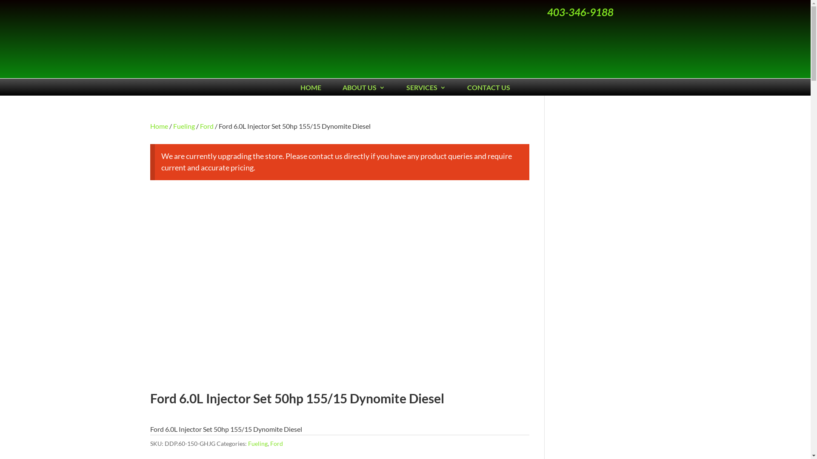 Image resolution: width=817 pixels, height=459 pixels. Describe the element at coordinates (269, 443) in the screenshot. I see `'Ford'` at that location.